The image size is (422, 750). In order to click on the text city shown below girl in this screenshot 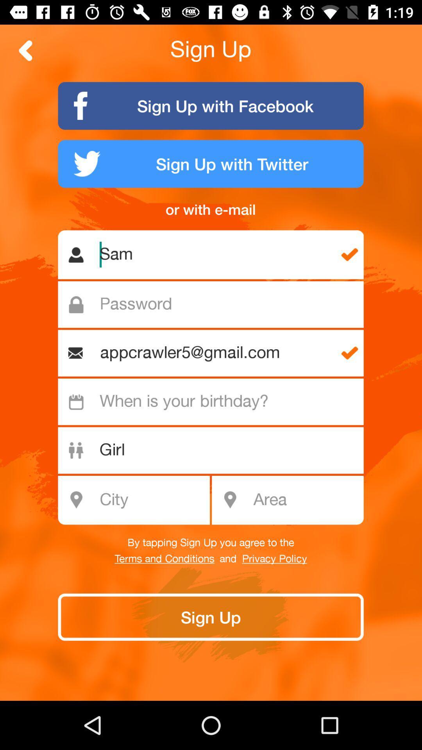, I will do `click(138, 500)`.